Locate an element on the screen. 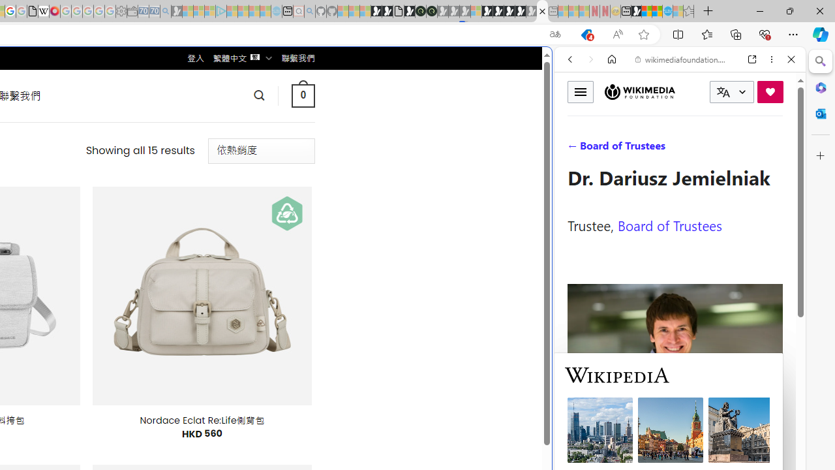 The width and height of the screenshot is (835, 470). 'MediaWiki' is located at coordinates (53, 11).